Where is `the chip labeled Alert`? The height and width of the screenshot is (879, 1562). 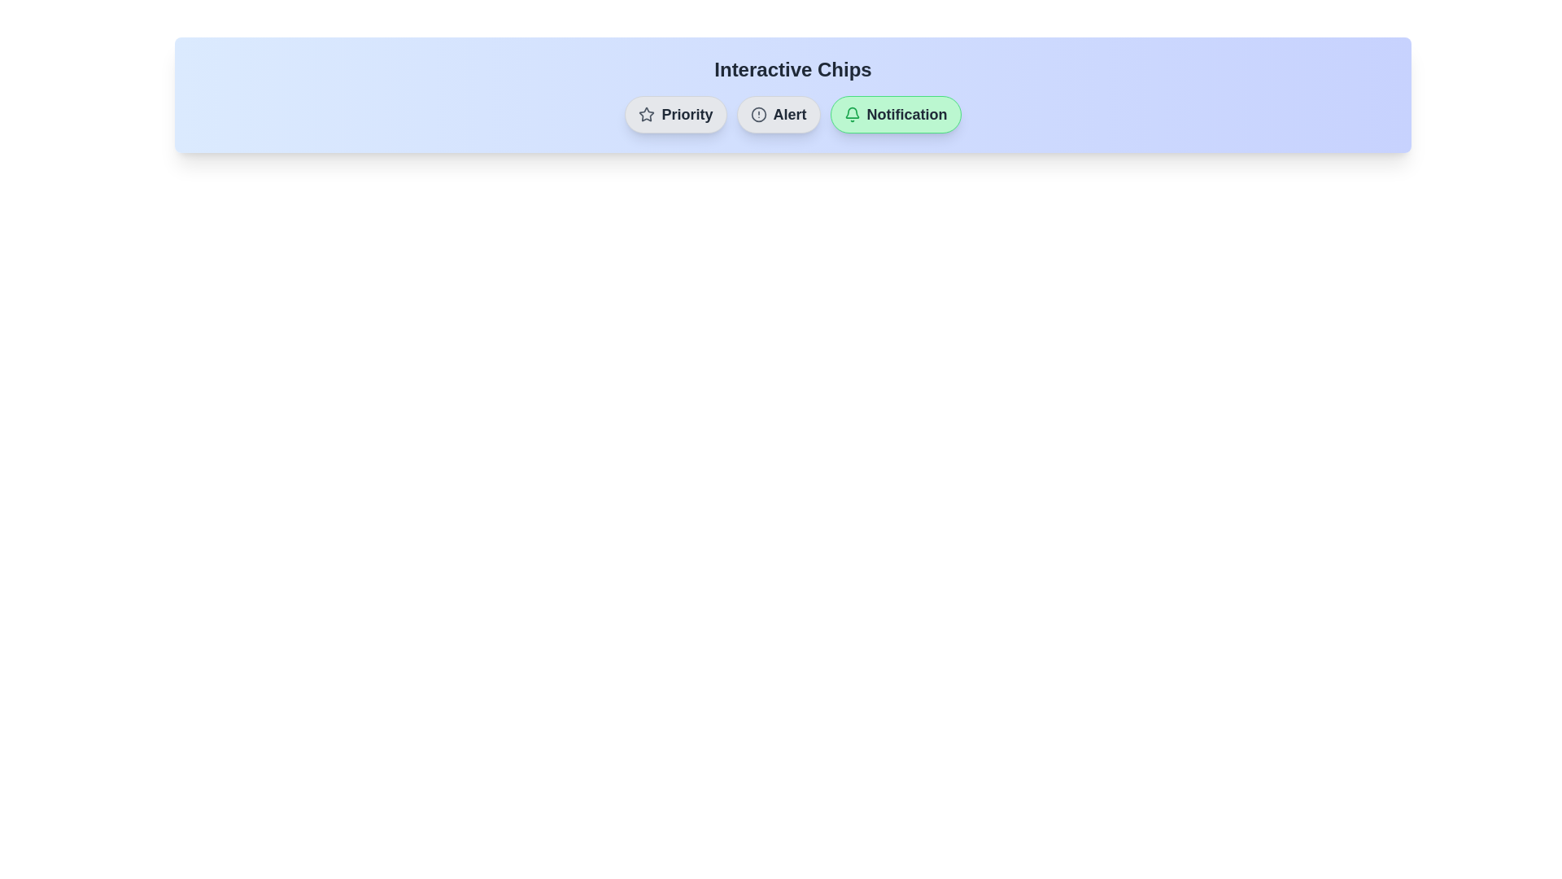 the chip labeled Alert is located at coordinates (777, 114).